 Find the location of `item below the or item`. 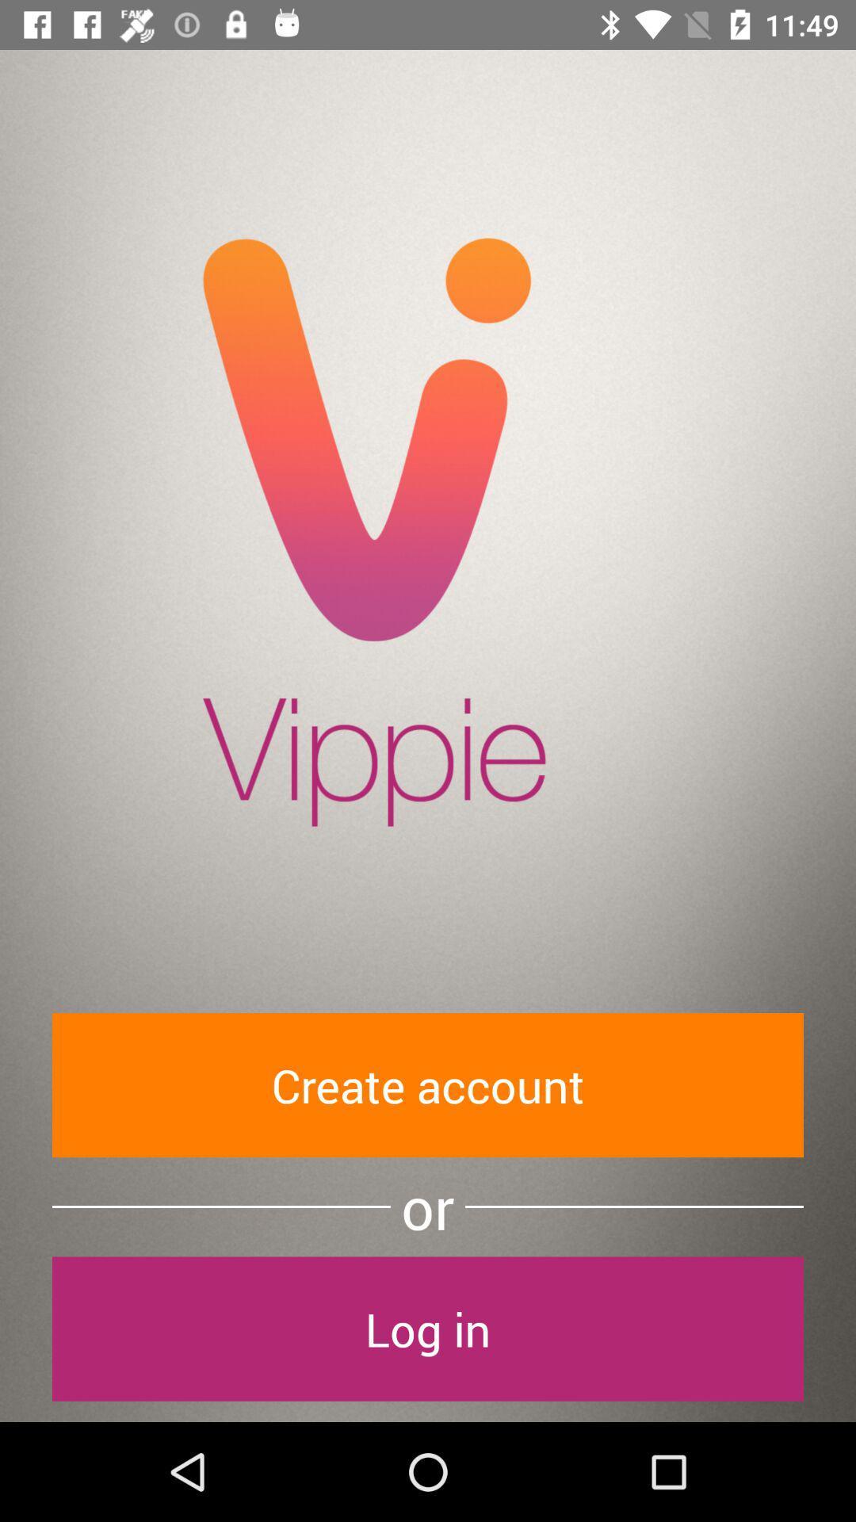

item below the or item is located at coordinates (428, 1329).